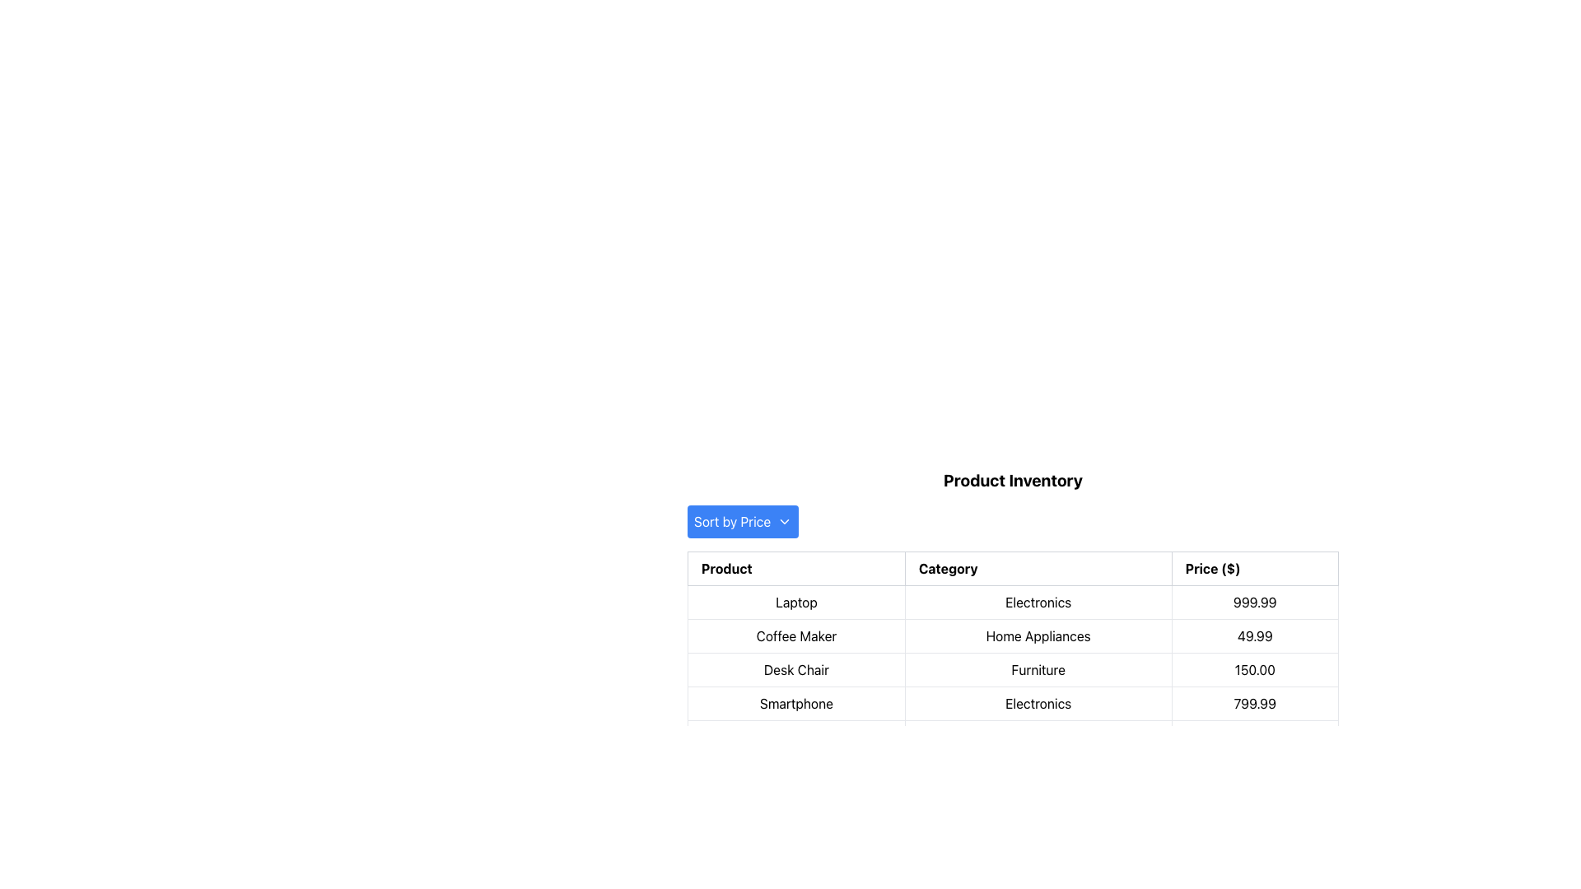 The image size is (1581, 889). What do you see at coordinates (1038, 567) in the screenshot?
I see `the second column header in the table` at bounding box center [1038, 567].